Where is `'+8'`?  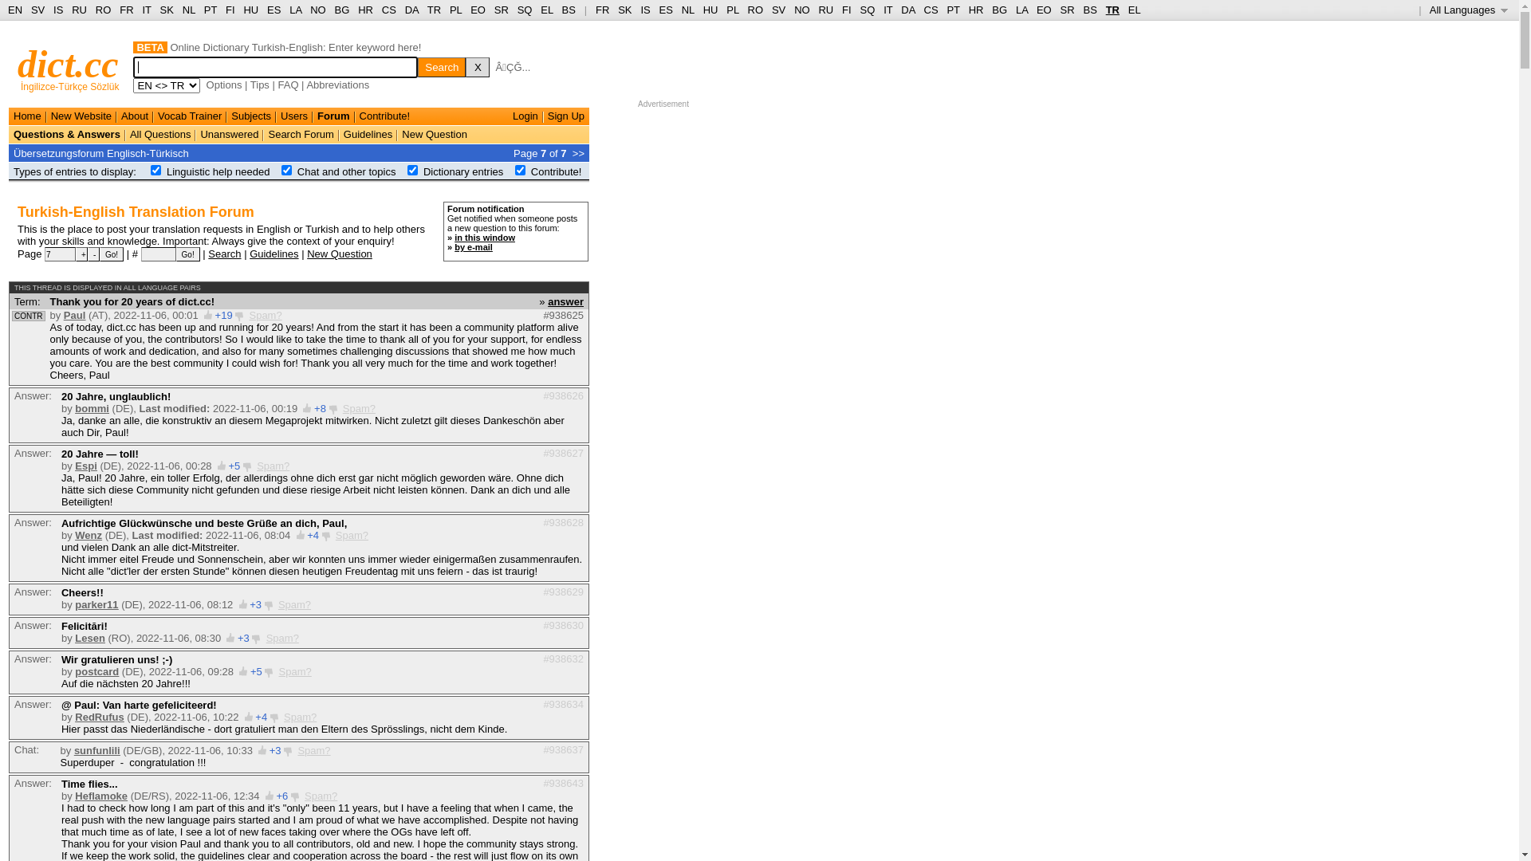 '+8' is located at coordinates (319, 407).